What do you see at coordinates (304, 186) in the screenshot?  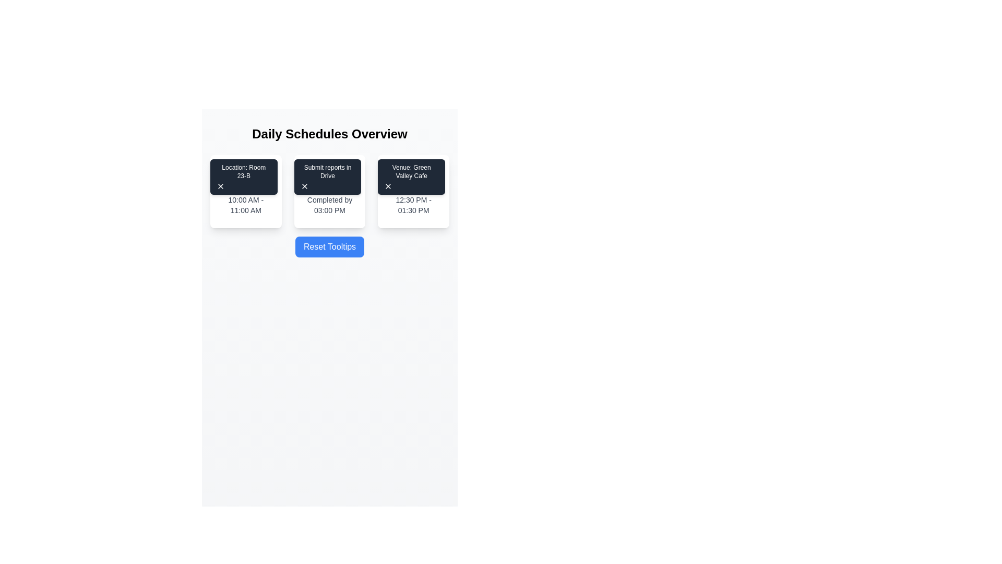 I see `the Close button located at the top-right corner of the 'Submit reports in Drive' card` at bounding box center [304, 186].